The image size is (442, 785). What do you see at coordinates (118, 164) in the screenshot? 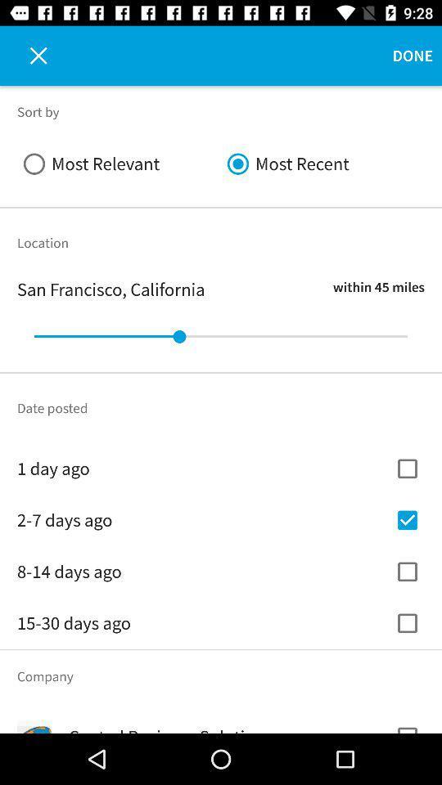
I see `the most relevant icon` at bounding box center [118, 164].